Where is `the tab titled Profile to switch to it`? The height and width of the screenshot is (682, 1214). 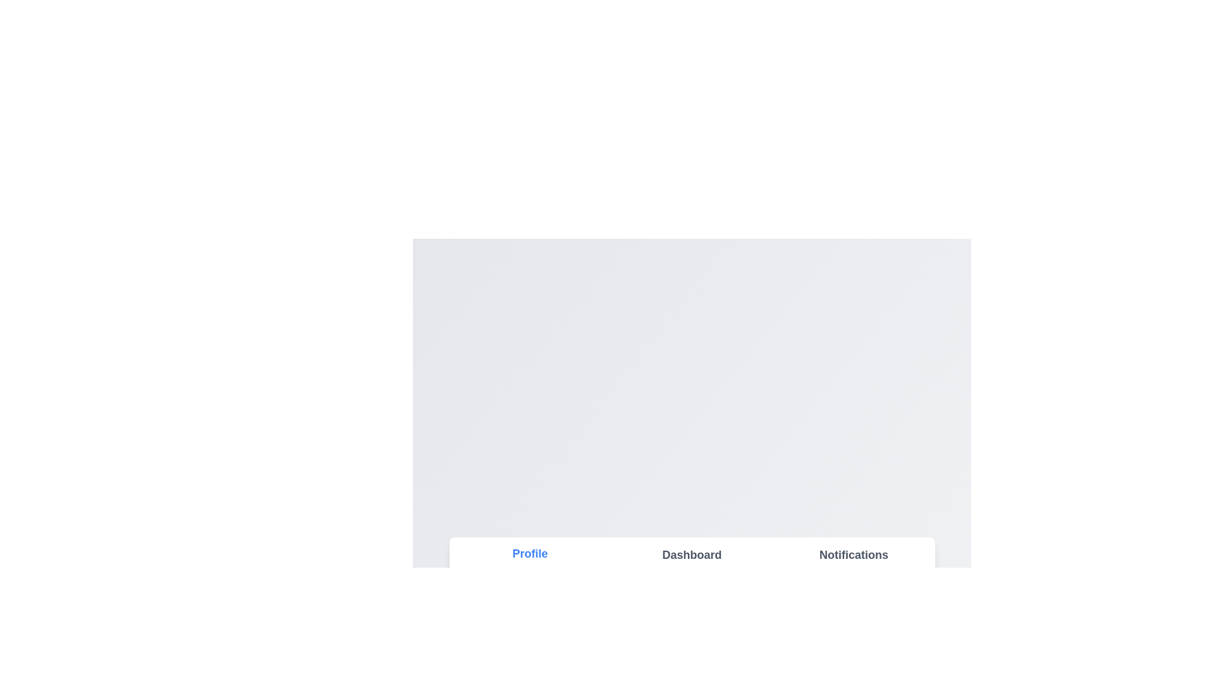
the tab titled Profile to switch to it is located at coordinates (530, 554).